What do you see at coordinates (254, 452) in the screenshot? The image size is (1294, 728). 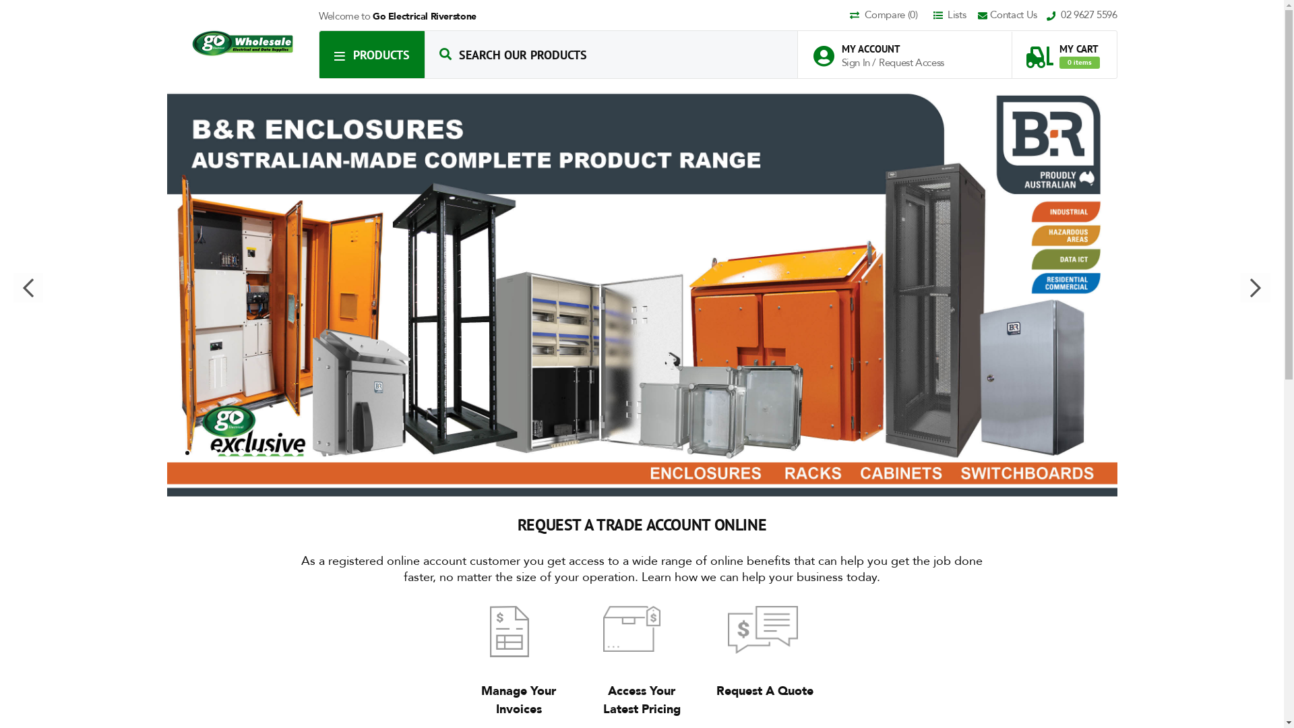 I see `'7'` at bounding box center [254, 452].